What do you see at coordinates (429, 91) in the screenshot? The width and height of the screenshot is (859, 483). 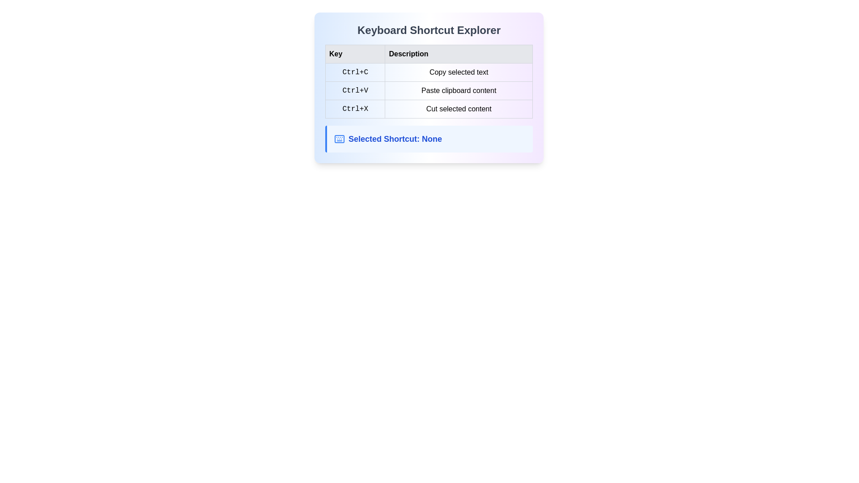 I see `the second row in the table that contains 'Ctrl+V' and 'Paste clipboard content', which is styled with borders and is positioned in the center of the interface` at bounding box center [429, 91].